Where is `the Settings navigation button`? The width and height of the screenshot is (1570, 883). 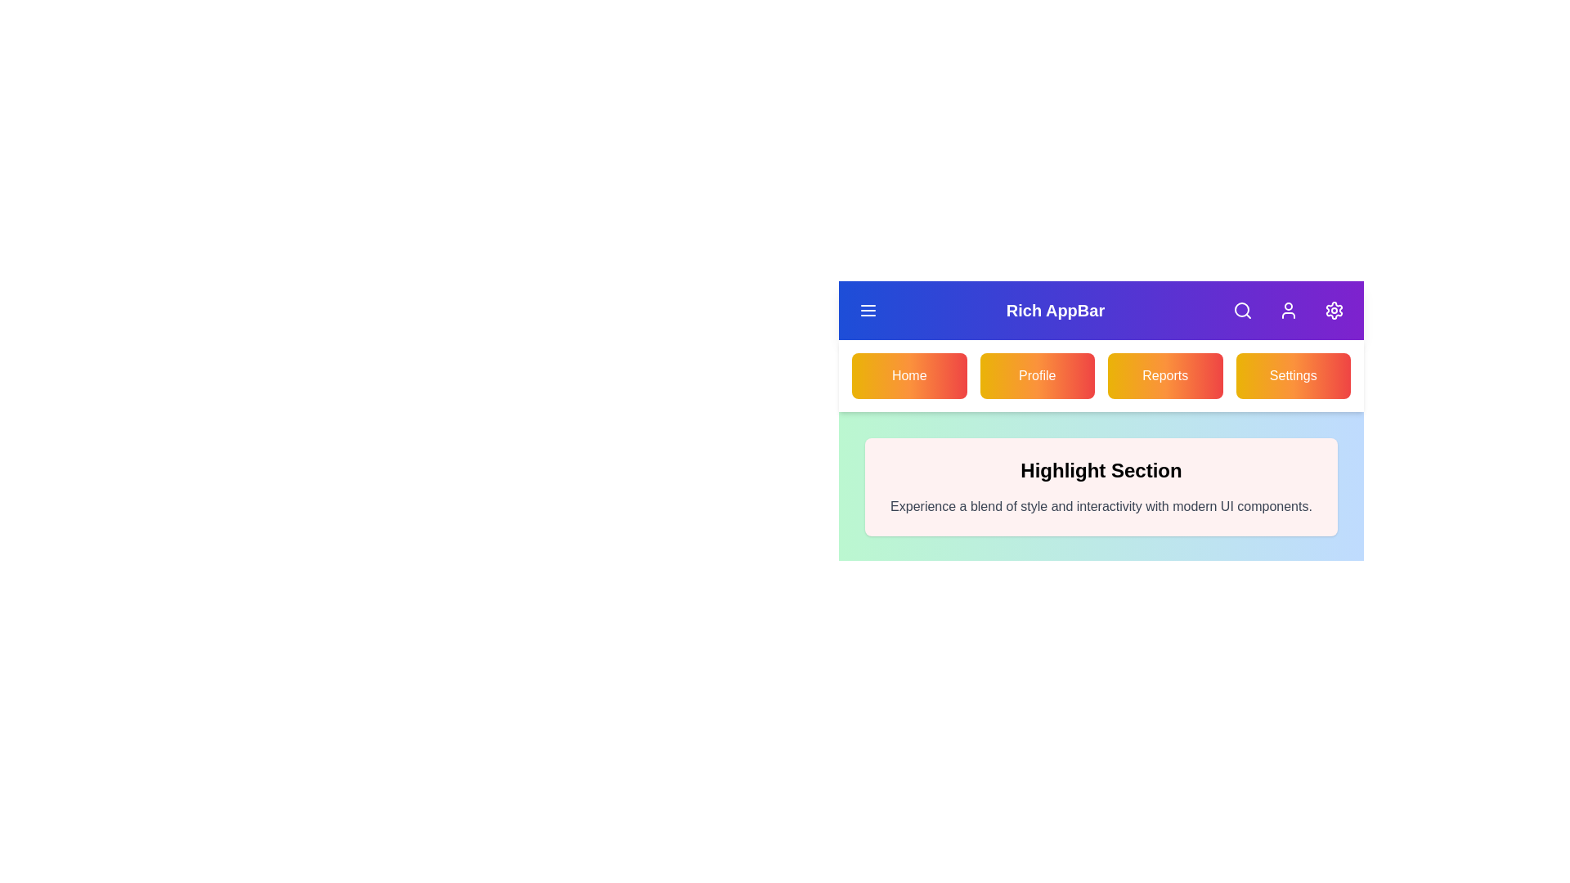
the Settings navigation button is located at coordinates (1291, 375).